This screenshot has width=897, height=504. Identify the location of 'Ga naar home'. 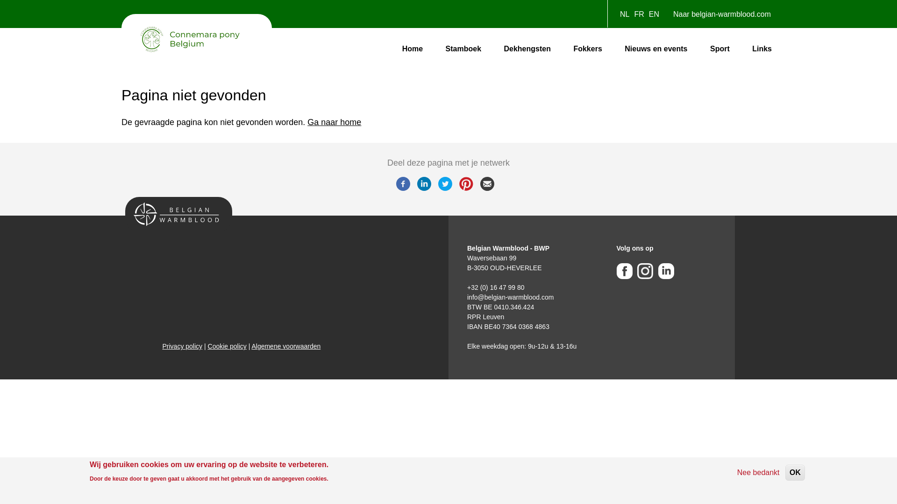
(334, 122).